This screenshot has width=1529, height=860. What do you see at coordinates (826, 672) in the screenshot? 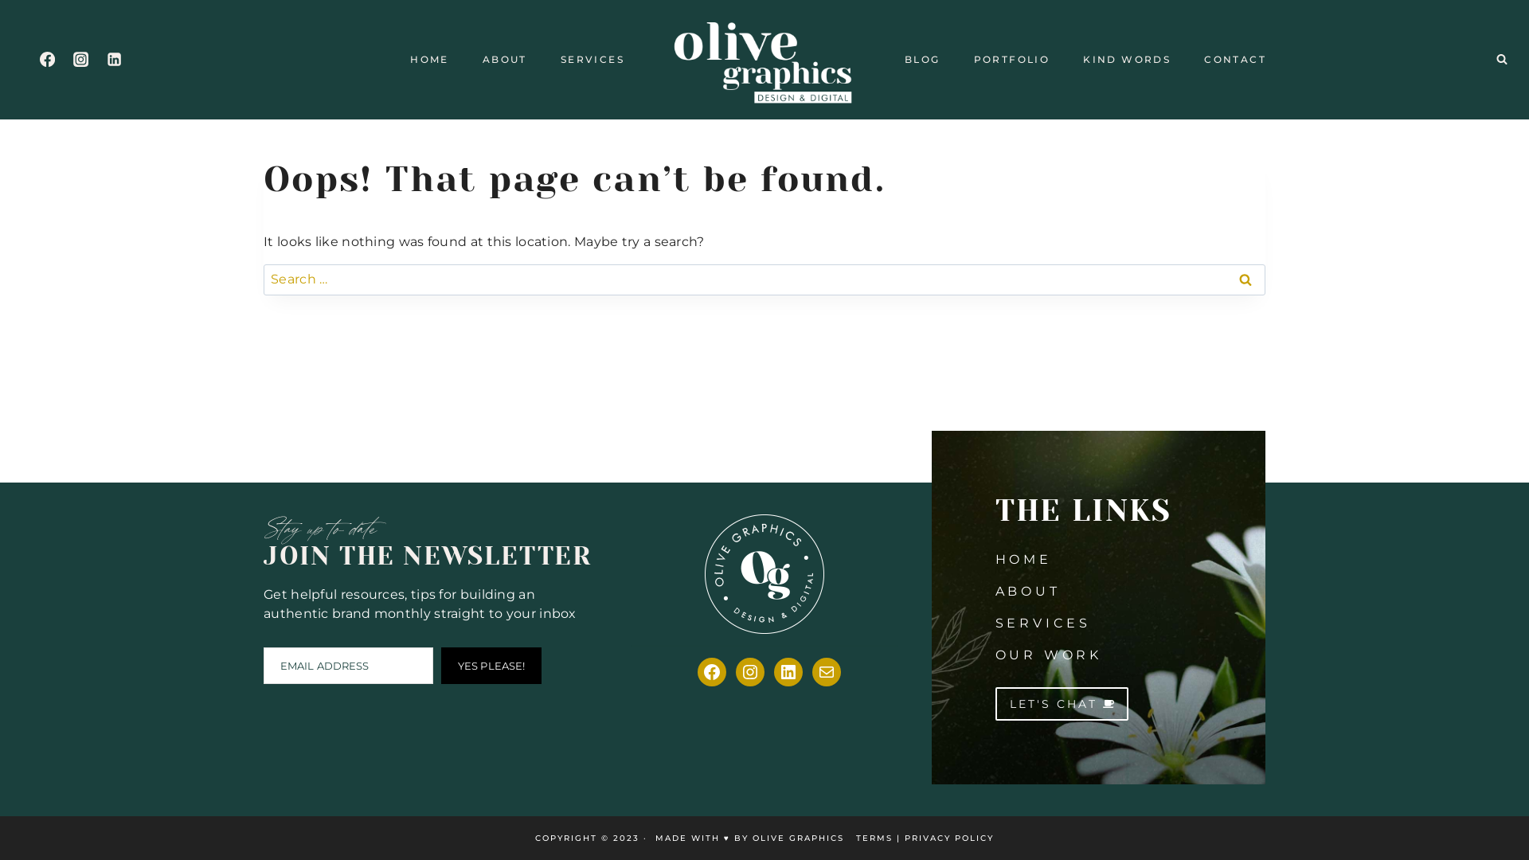
I see `'Mail'` at bounding box center [826, 672].